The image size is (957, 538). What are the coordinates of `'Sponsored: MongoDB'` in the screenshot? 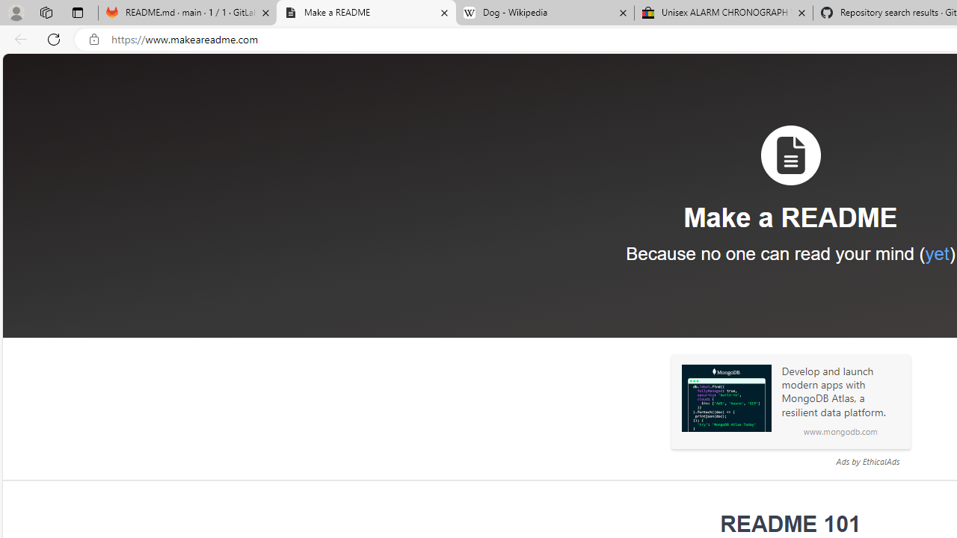 It's located at (726, 398).